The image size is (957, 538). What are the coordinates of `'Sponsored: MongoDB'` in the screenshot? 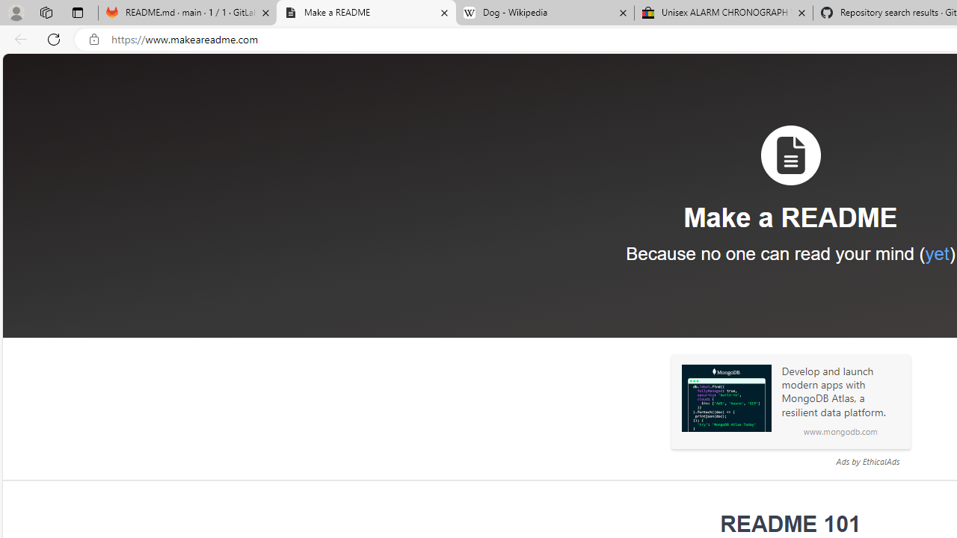 It's located at (726, 398).